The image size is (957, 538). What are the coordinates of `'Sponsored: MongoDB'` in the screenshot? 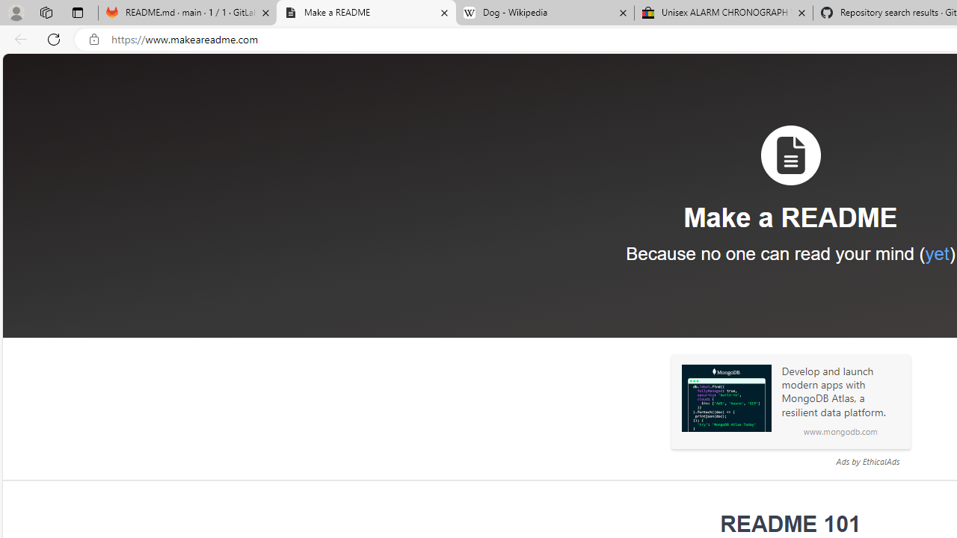 It's located at (726, 398).